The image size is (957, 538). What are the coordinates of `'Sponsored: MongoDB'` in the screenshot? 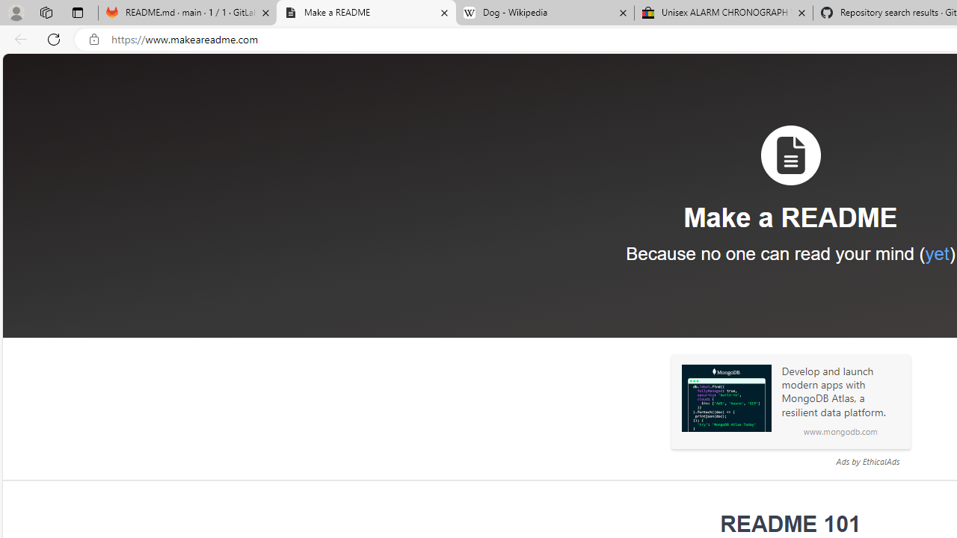 It's located at (726, 398).